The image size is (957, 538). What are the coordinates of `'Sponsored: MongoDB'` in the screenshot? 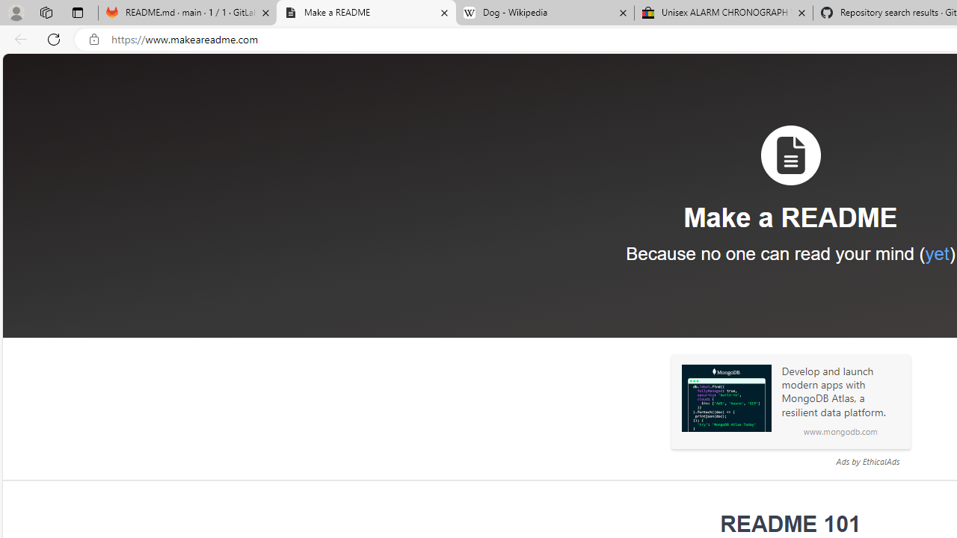 It's located at (726, 398).